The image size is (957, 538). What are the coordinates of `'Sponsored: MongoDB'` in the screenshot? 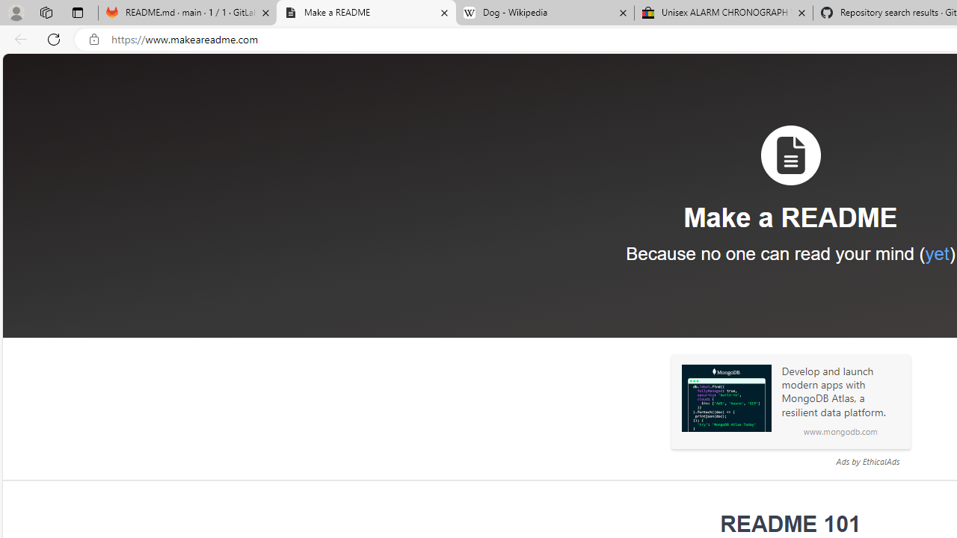 It's located at (726, 398).